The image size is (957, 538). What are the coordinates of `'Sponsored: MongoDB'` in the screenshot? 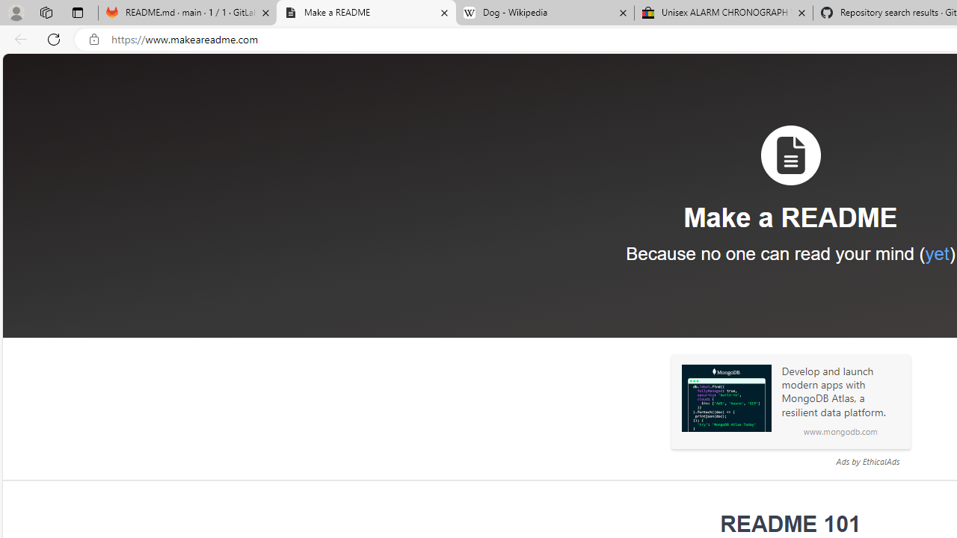 It's located at (726, 398).